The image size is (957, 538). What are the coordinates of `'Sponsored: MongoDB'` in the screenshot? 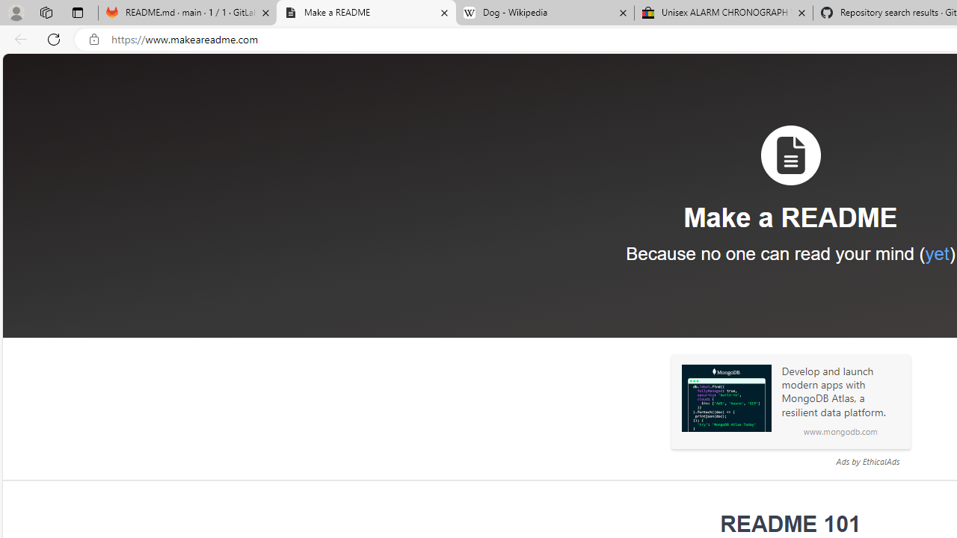 It's located at (726, 398).